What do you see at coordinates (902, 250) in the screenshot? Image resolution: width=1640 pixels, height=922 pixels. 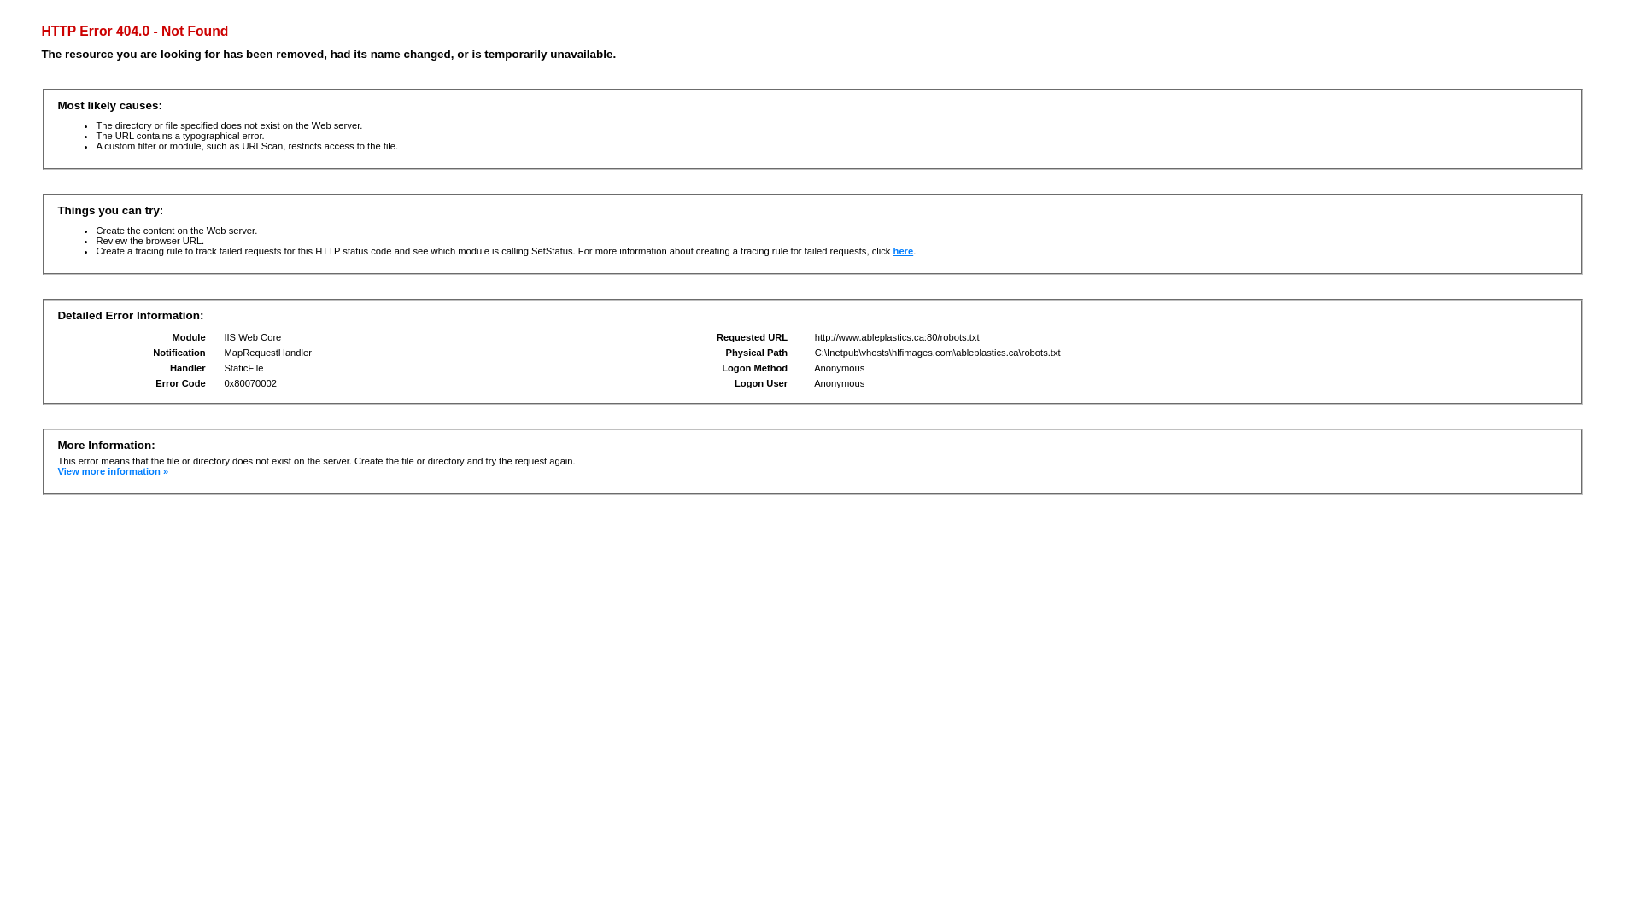 I see `'here'` at bounding box center [902, 250].